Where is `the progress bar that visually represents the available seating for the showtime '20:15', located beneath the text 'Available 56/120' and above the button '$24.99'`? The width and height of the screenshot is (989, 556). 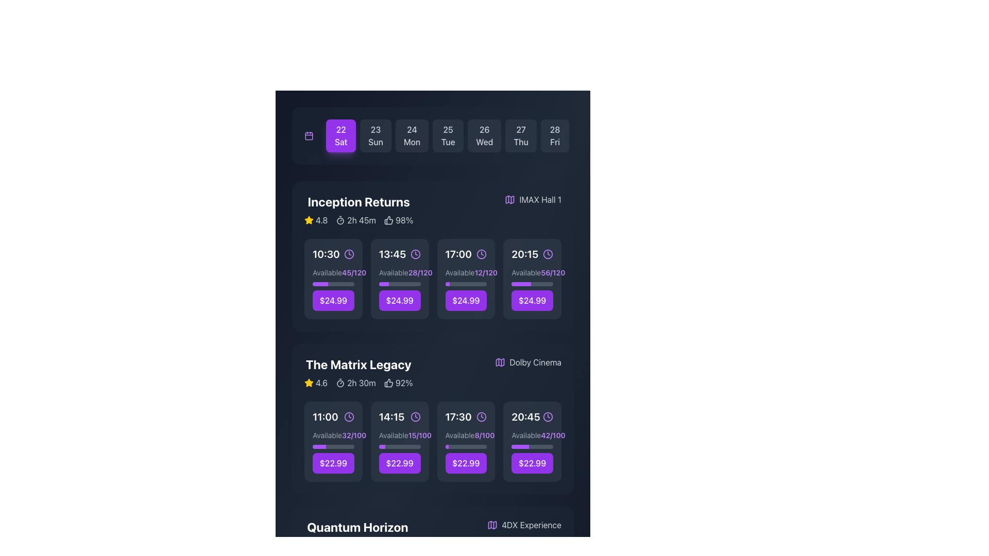 the progress bar that visually represents the available seating for the showtime '20:15', located beneath the text 'Available 56/120' and above the button '$24.99' is located at coordinates (532, 284).